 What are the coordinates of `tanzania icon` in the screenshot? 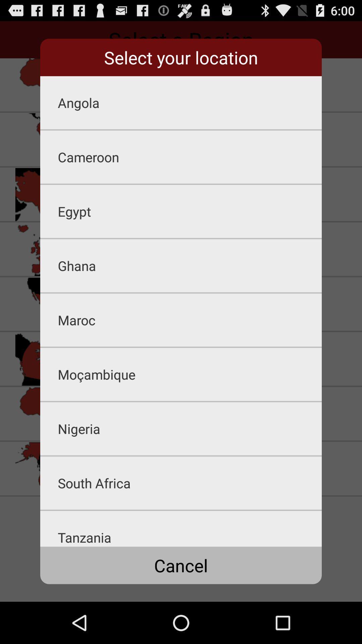 It's located at (190, 528).